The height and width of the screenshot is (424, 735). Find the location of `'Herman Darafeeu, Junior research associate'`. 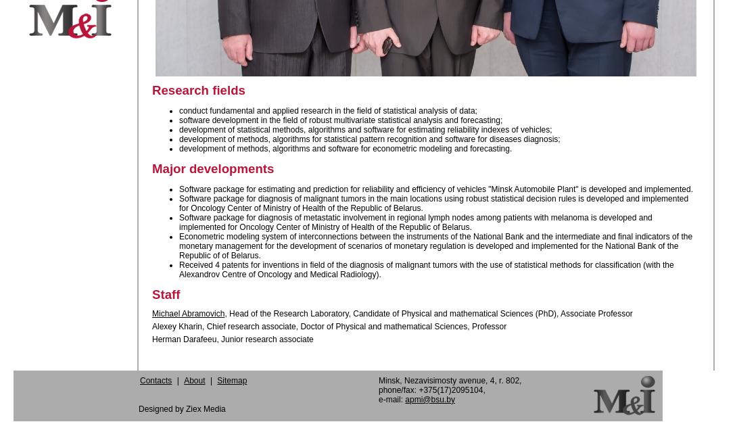

'Herman Darafeeu, Junior research associate' is located at coordinates (232, 338).